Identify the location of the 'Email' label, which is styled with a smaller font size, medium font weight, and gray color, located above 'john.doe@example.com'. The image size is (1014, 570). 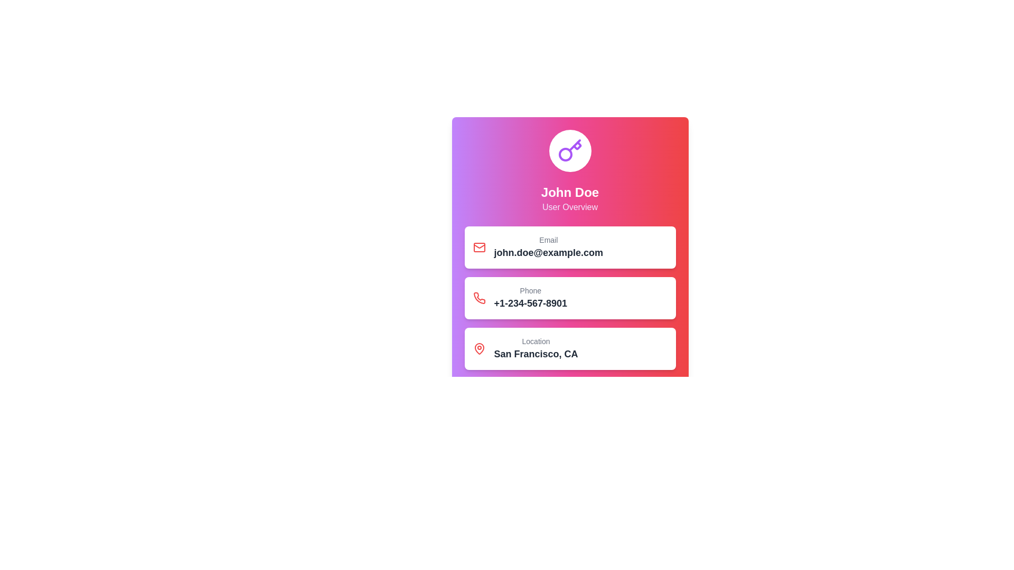
(548, 240).